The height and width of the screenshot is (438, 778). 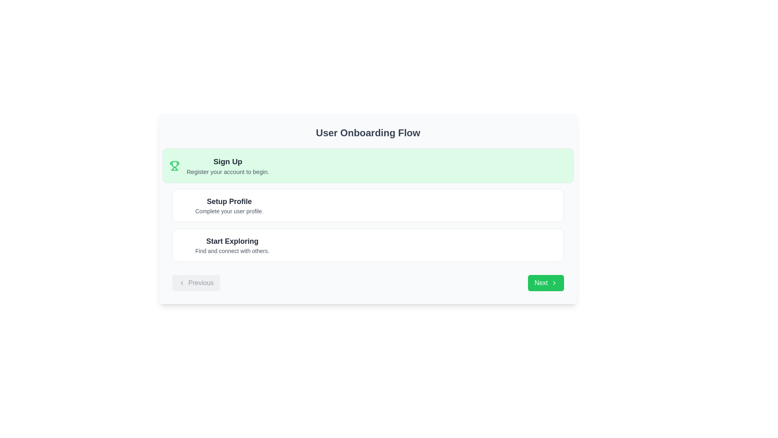 What do you see at coordinates (174, 165) in the screenshot?
I see `the trophy icon symbolizing achievement located in the top-left corner of the green-highlighted 'Sign Up' section in the onboarding flow interface` at bounding box center [174, 165].